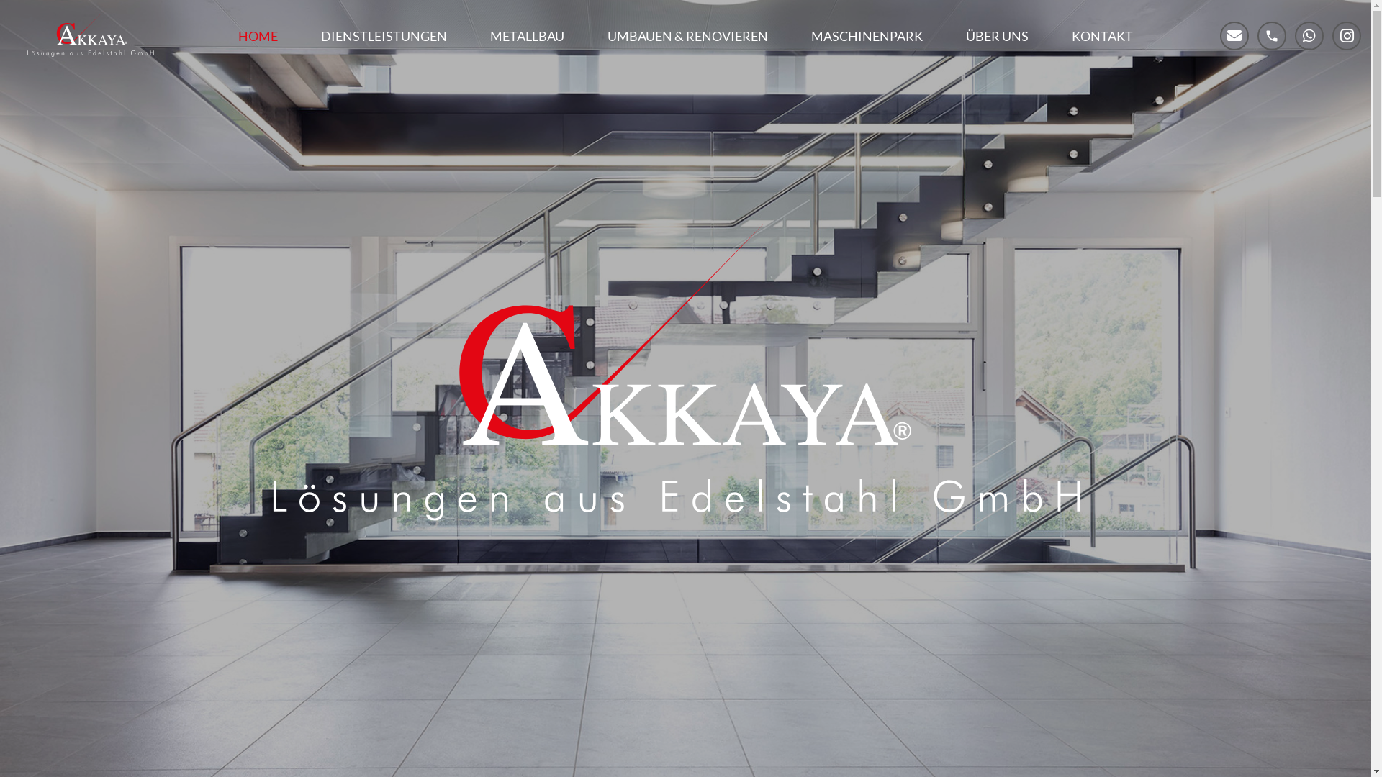 The height and width of the screenshot is (777, 1382). Describe the element at coordinates (1271, 35) in the screenshot. I see `'phone'` at that location.